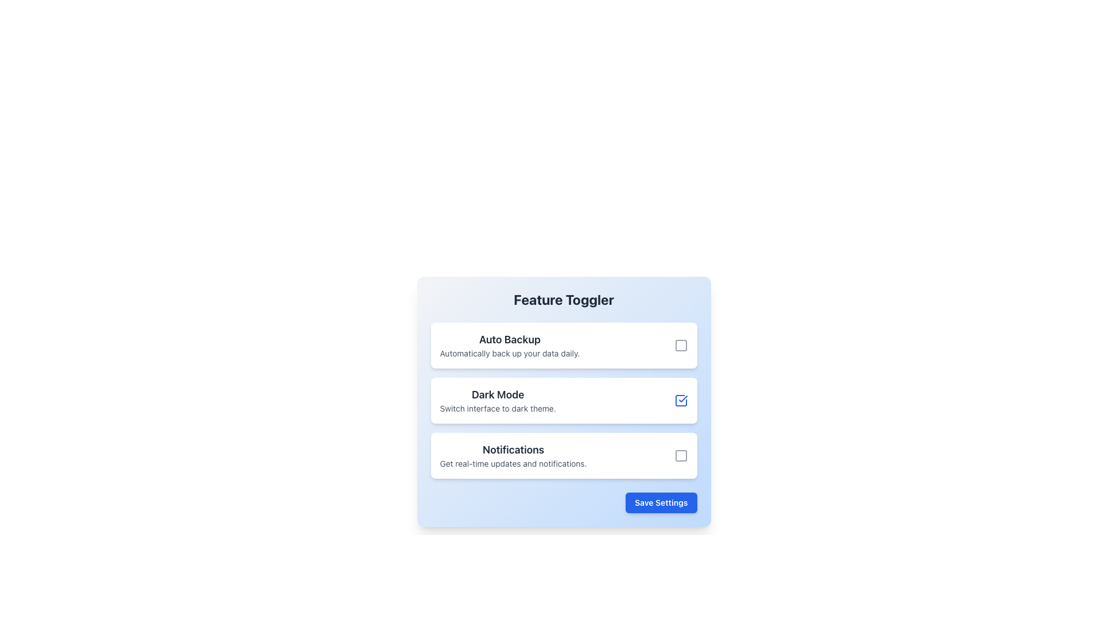 This screenshot has height=620, width=1102. Describe the element at coordinates (513, 463) in the screenshot. I see `text caption that says 'Get real-time updates and notifications.' located beneath the 'Notifications' heading in the Feature Toggler interface panel` at that location.